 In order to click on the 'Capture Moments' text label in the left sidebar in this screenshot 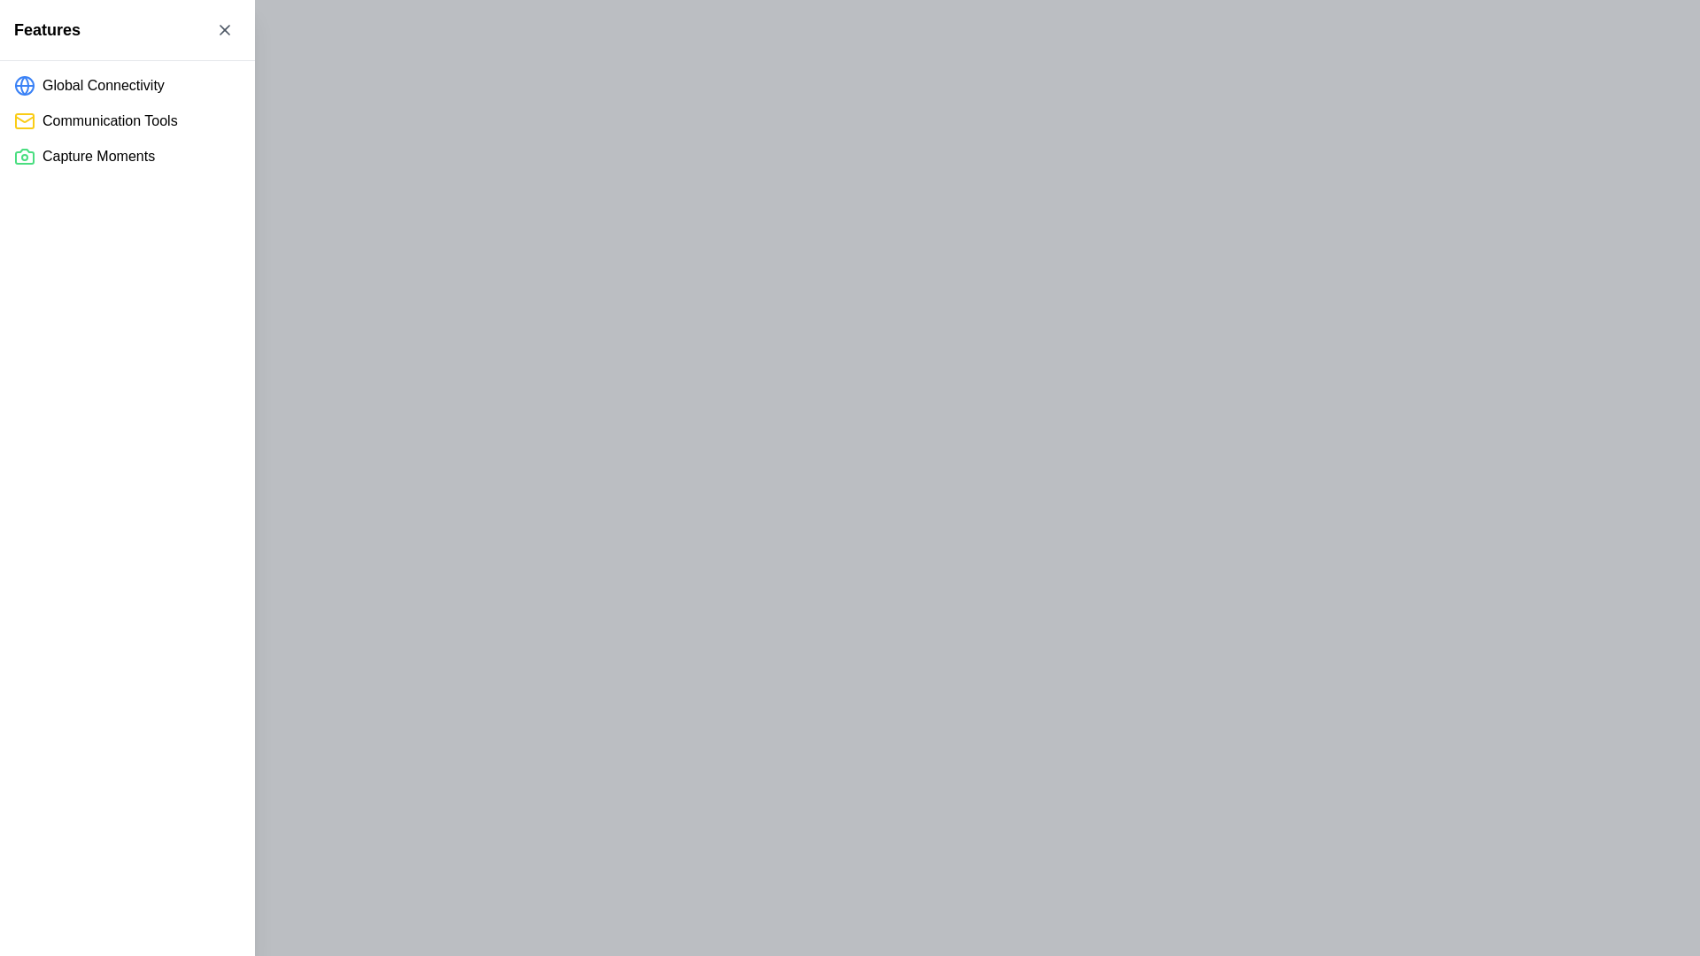, I will do `click(97, 156)`.